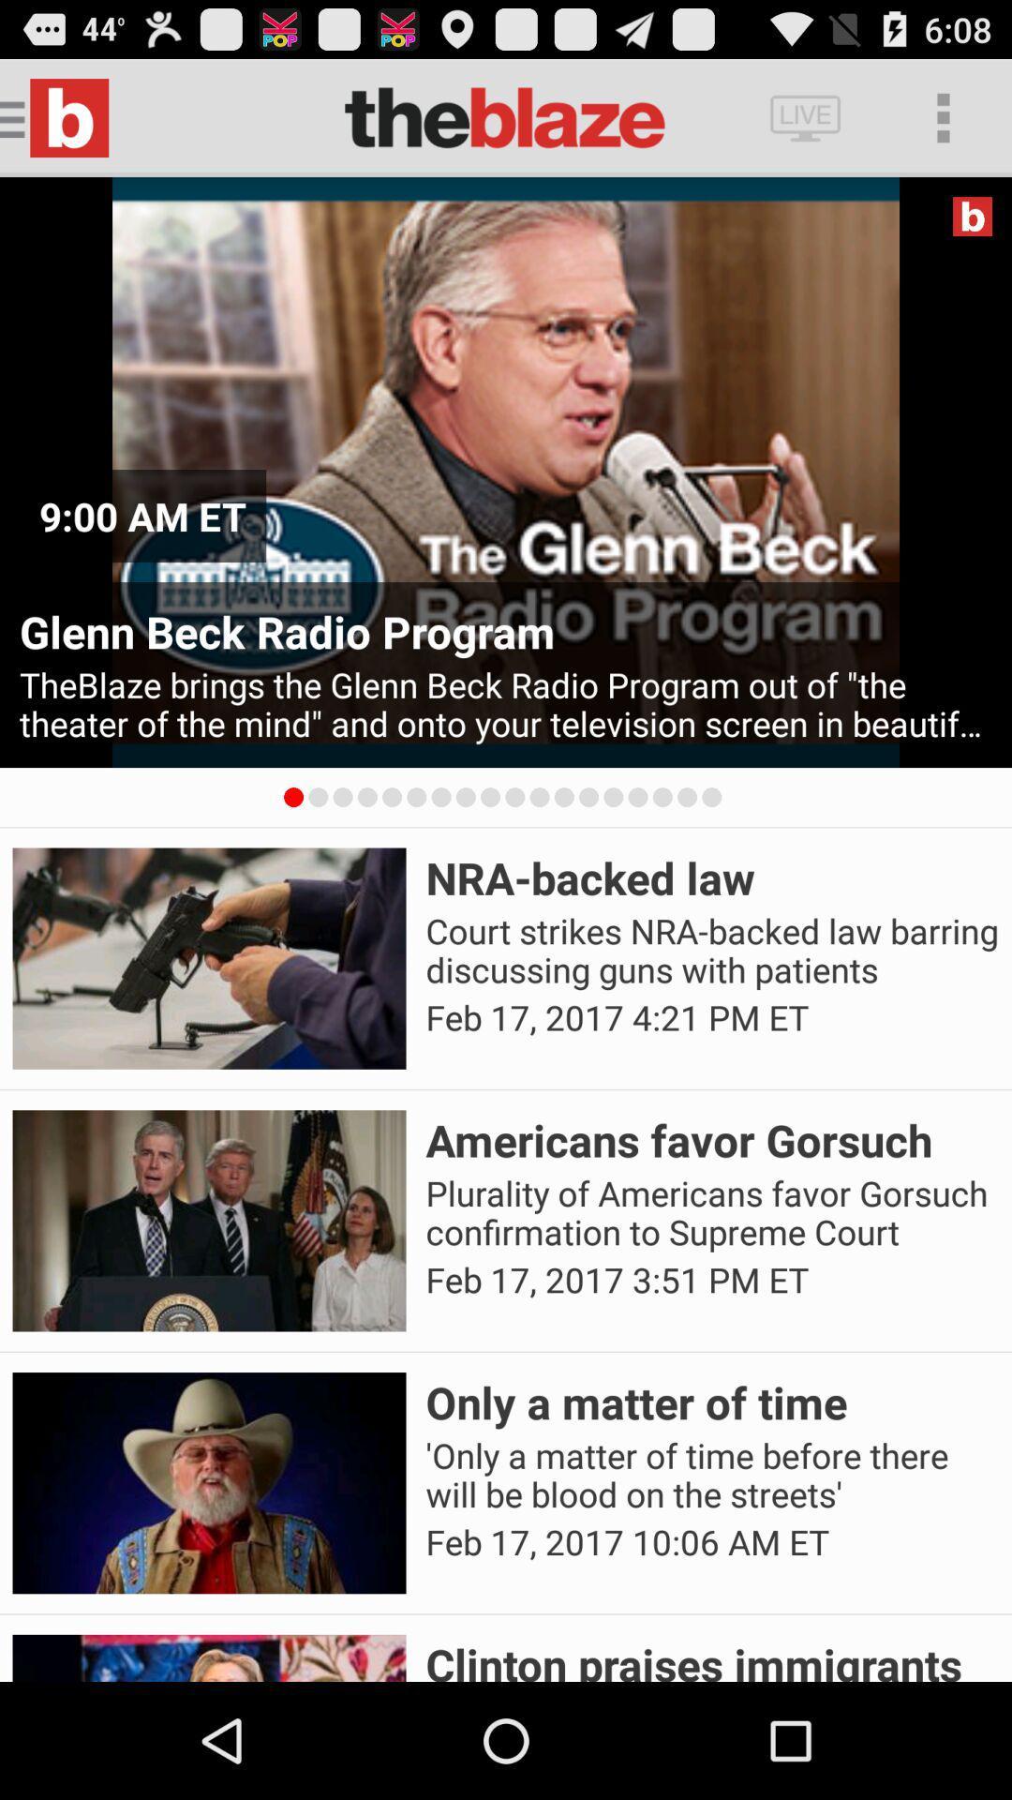 The width and height of the screenshot is (1012, 1800). Describe the element at coordinates (209, 958) in the screenshot. I see `the image left to nrabacked law` at that location.